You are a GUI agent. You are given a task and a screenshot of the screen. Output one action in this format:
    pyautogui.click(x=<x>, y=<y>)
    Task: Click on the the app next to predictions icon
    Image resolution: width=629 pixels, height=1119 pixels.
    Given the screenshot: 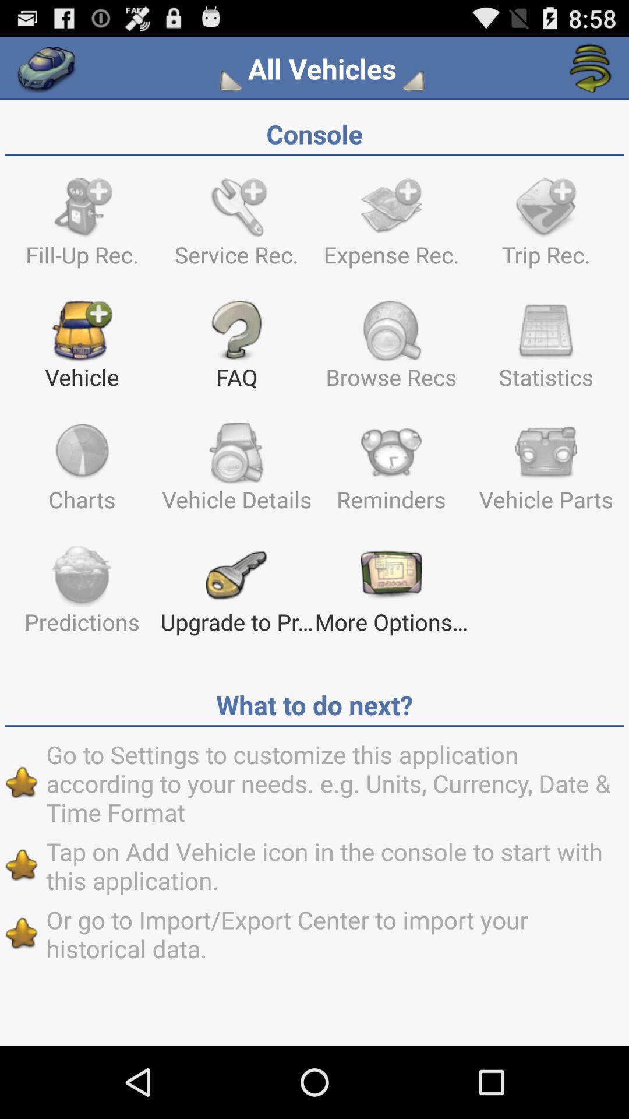 What is the action you would take?
    pyautogui.click(x=236, y=595)
    